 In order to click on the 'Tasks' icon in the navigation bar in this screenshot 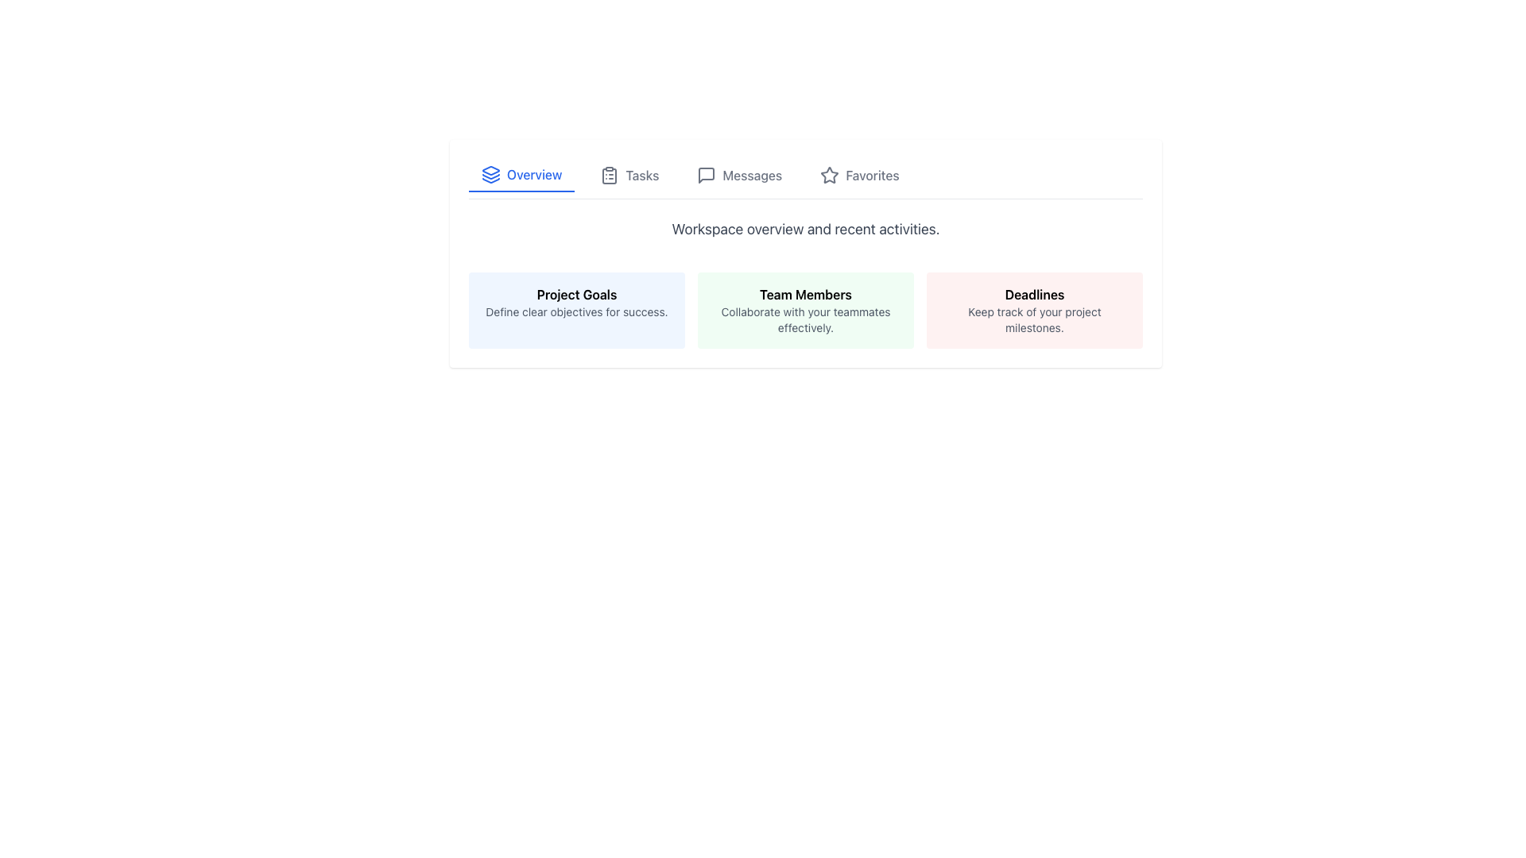, I will do `click(609, 175)`.